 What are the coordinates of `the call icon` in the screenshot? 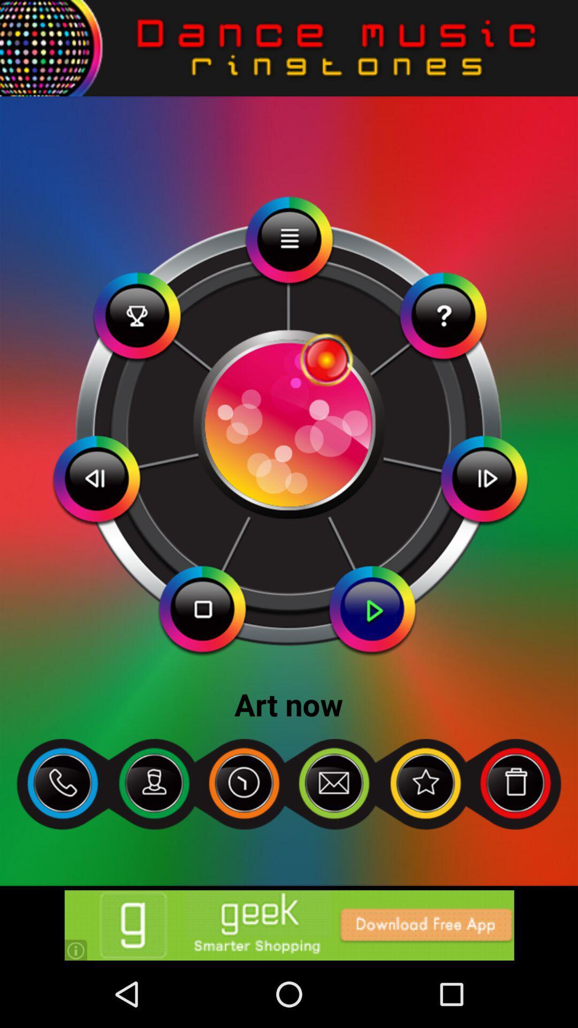 It's located at (62, 838).